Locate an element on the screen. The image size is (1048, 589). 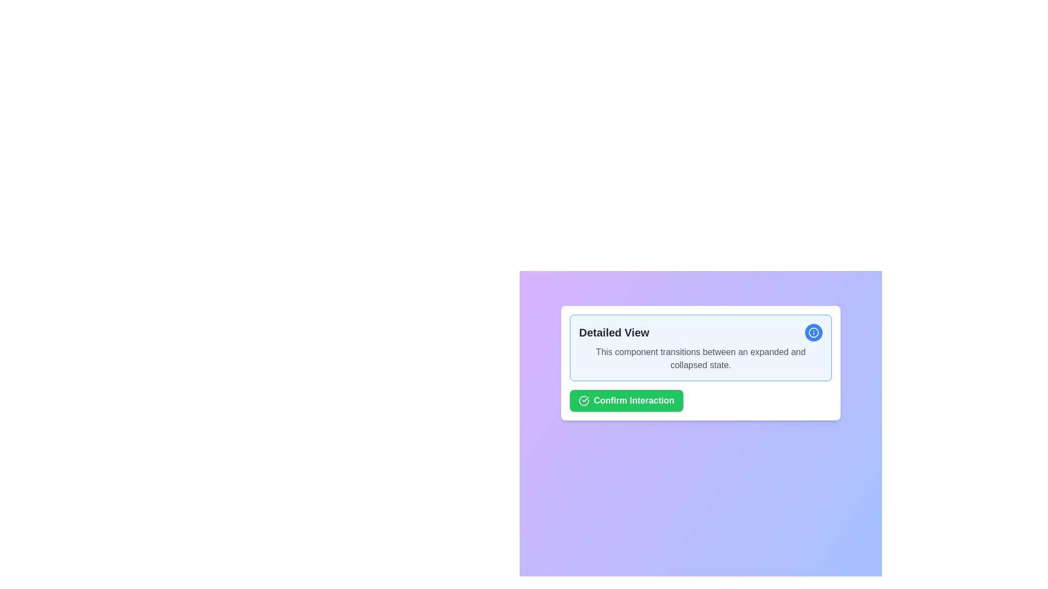
the circular blue button with a white information icon located in the top-right corner of the 'Detailed View' section is located at coordinates (814, 332).